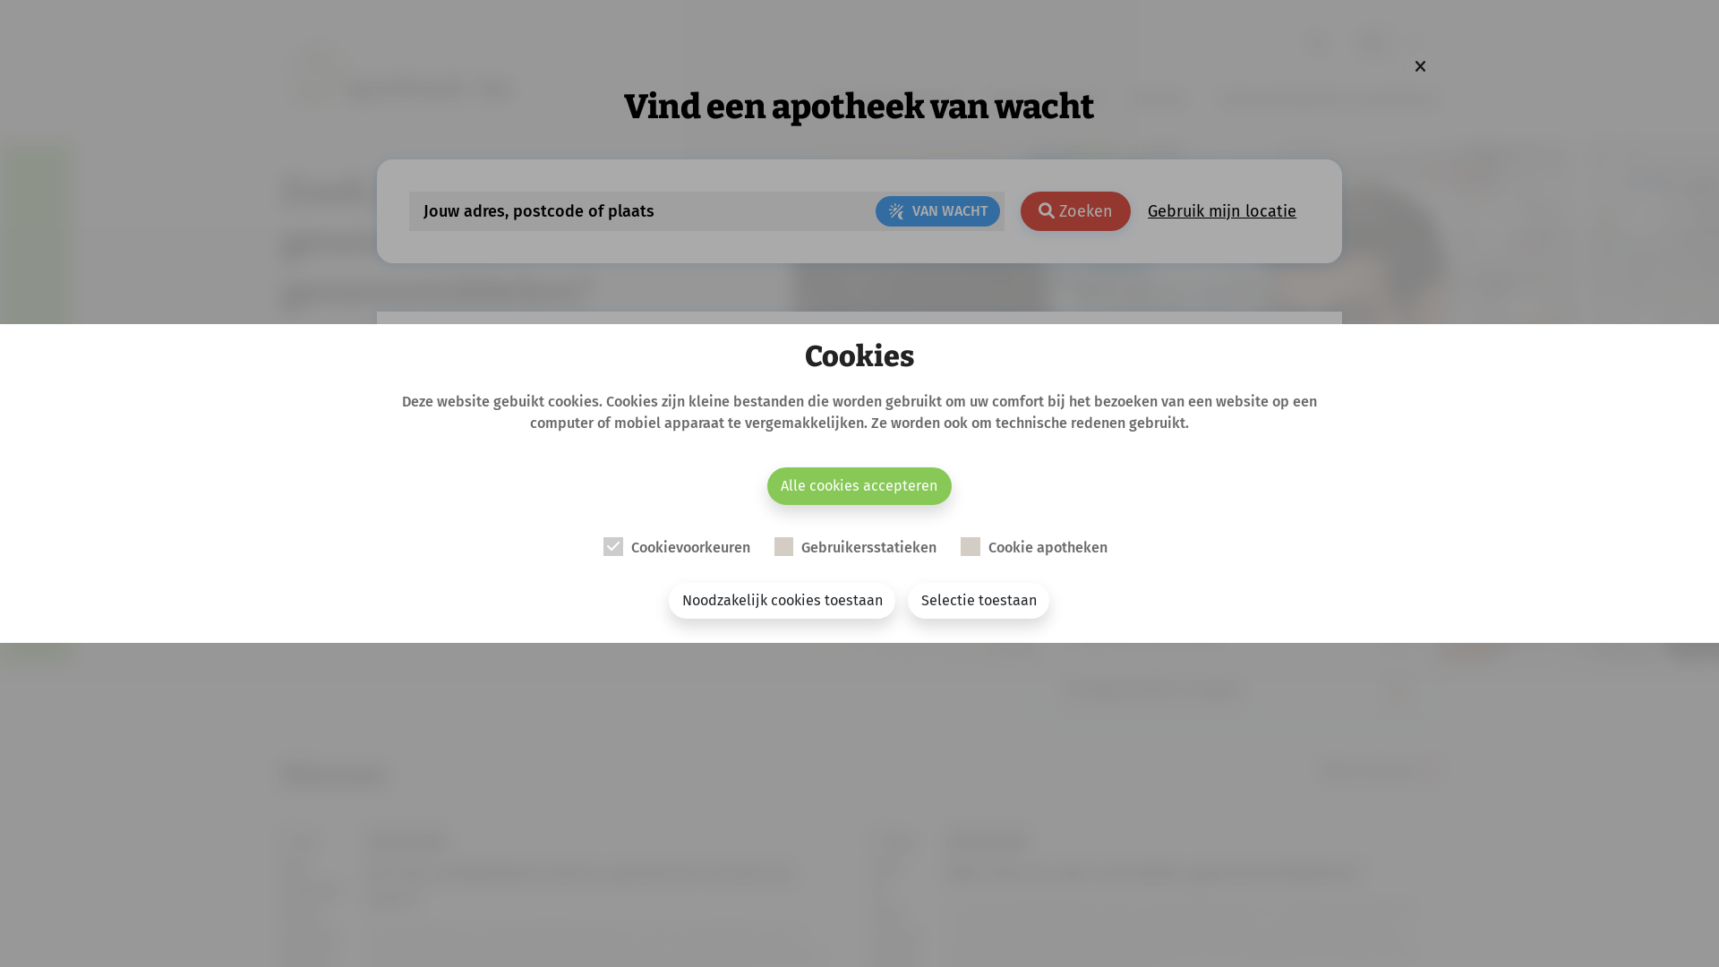 The image size is (1719, 967). I want to click on 'Noodzakelijk cookies toestaan', so click(782, 601).